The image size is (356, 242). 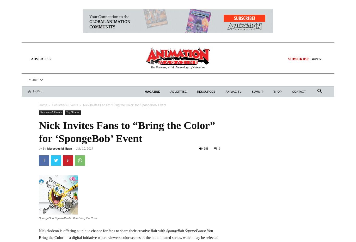 I want to click on '-', so click(x=72, y=148).